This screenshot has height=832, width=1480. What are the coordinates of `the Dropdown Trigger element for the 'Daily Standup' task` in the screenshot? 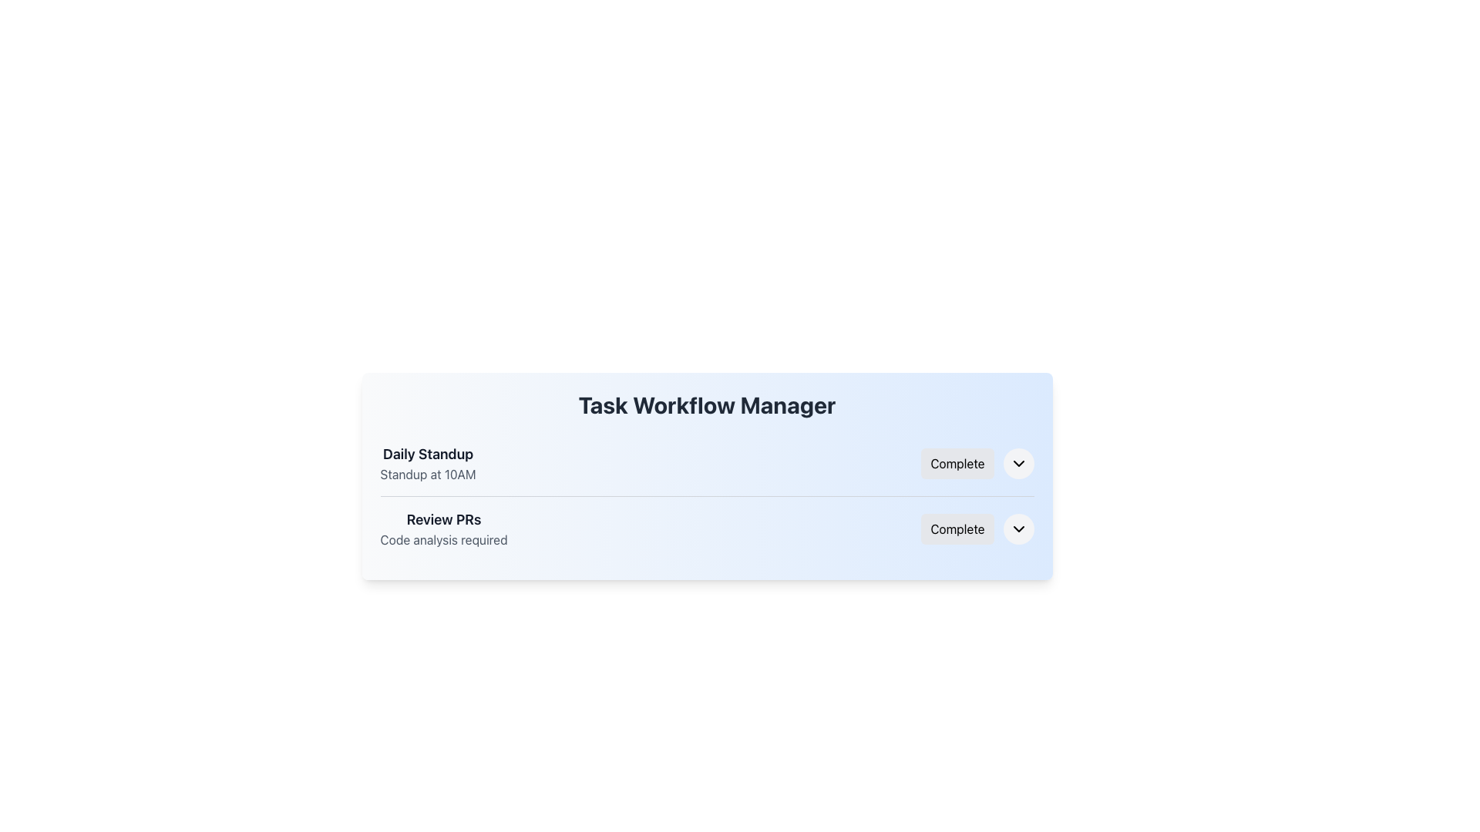 It's located at (977, 462).